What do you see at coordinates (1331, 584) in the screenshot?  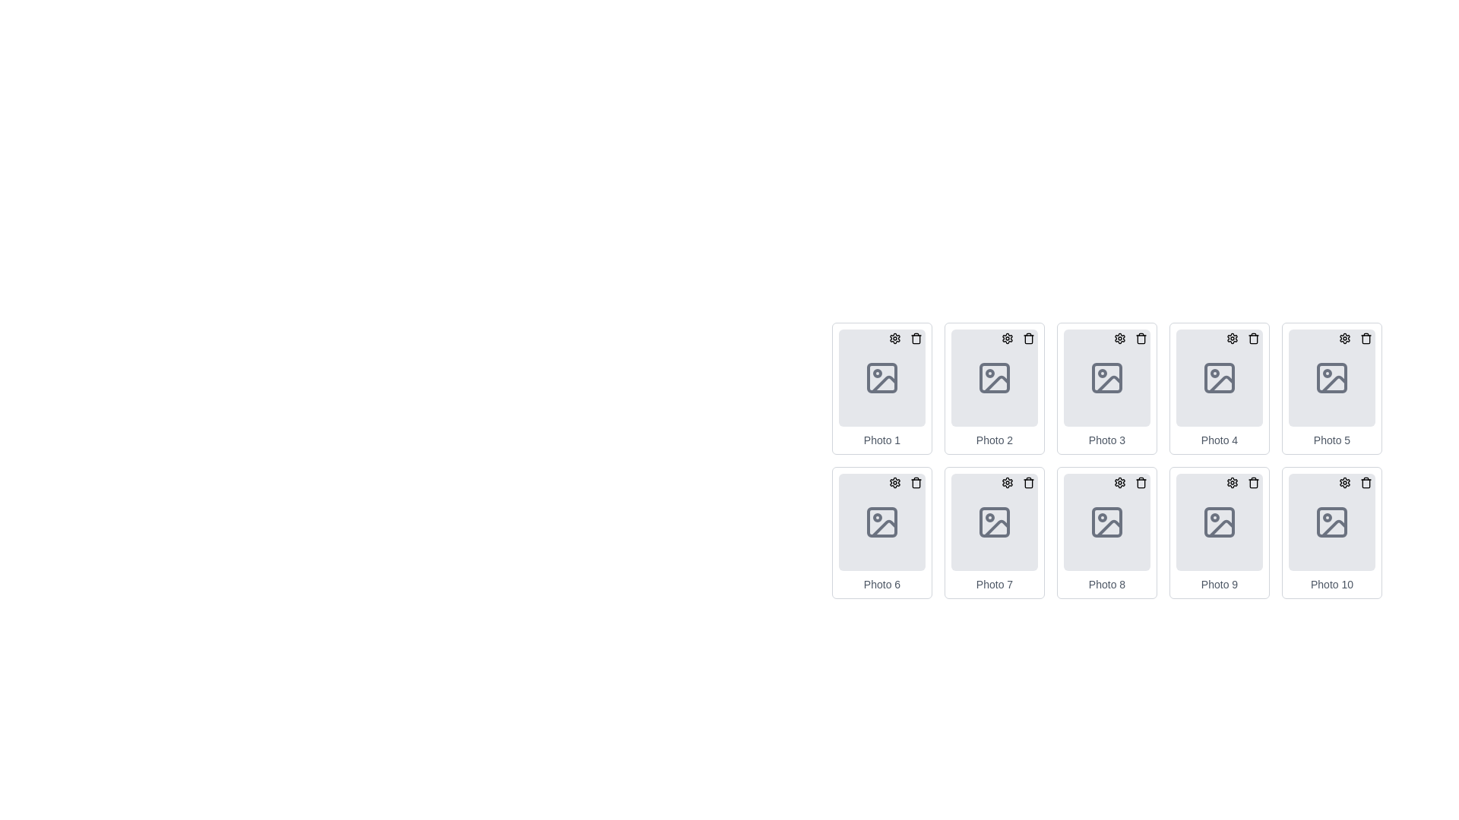 I see `the text label 'Photo 10', which is styled with a small font size and light gray color, located at the bottom center of the tenth item in a grid of photo placeholders` at bounding box center [1331, 584].